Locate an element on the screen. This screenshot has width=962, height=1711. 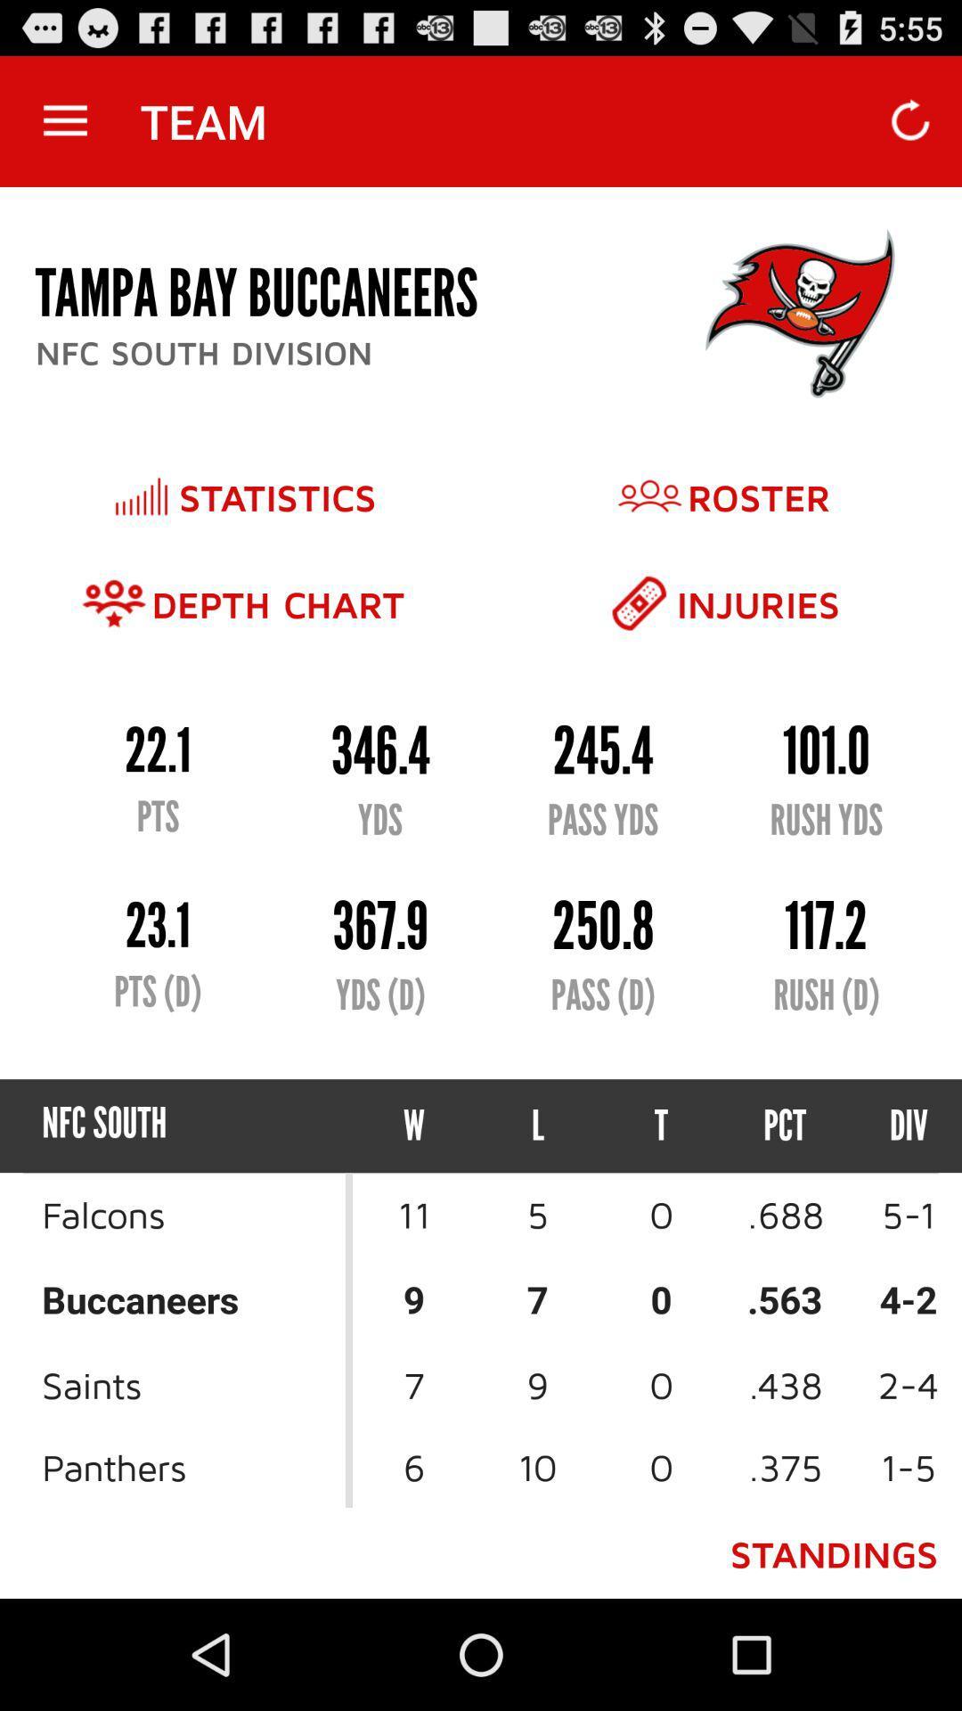
item below the rush (d) icon is located at coordinates (893, 1125).